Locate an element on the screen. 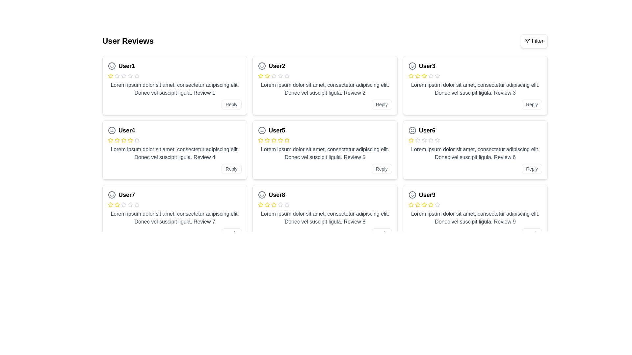  the fifth star icon in the rating row for 'User5' is located at coordinates (280, 140).